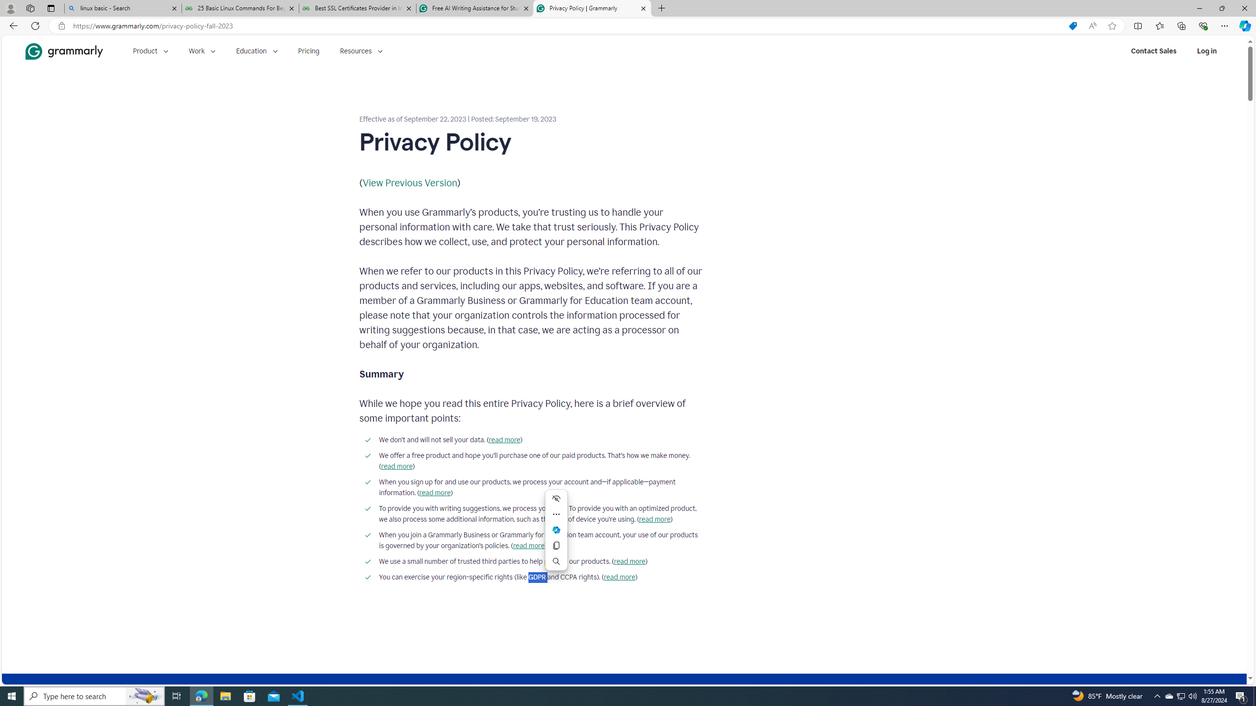 The width and height of the screenshot is (1256, 706). What do you see at coordinates (1206, 50) in the screenshot?
I see `'Log in'` at bounding box center [1206, 50].